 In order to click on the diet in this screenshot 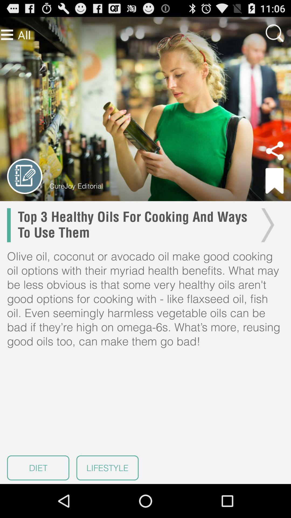, I will do `click(38, 468)`.